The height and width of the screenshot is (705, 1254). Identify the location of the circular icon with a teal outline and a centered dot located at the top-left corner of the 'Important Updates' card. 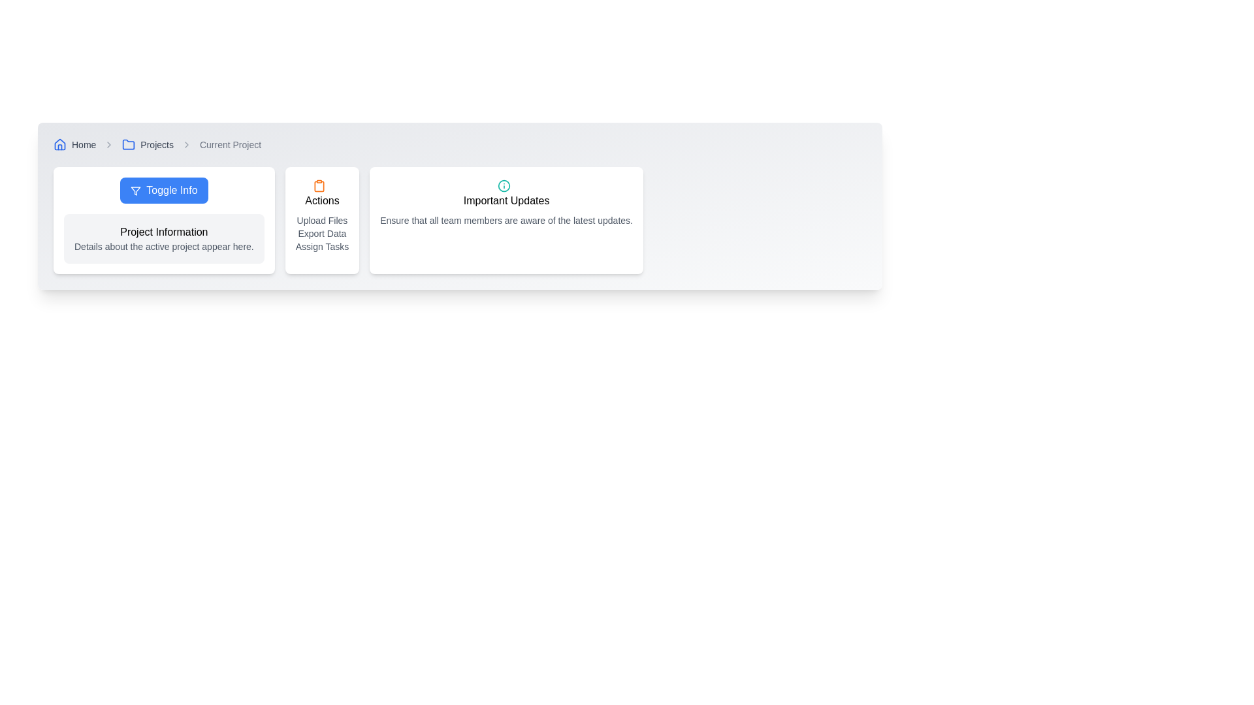
(503, 185).